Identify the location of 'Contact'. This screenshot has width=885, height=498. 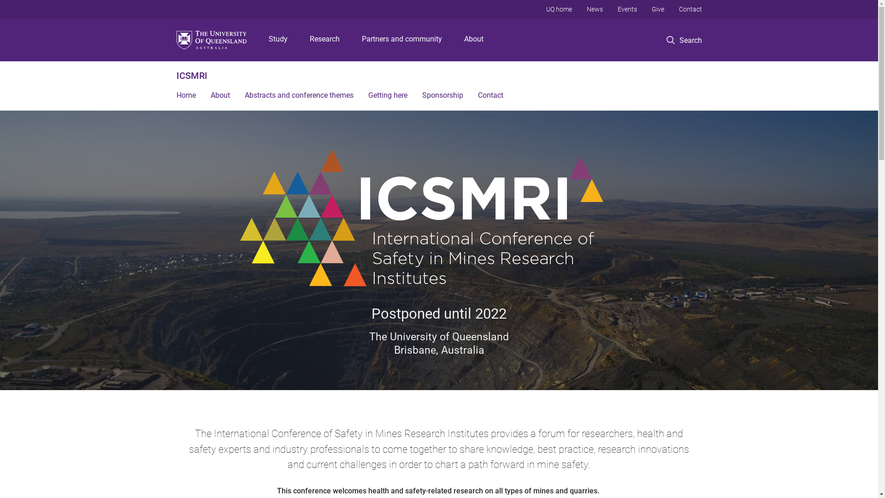
(490, 96).